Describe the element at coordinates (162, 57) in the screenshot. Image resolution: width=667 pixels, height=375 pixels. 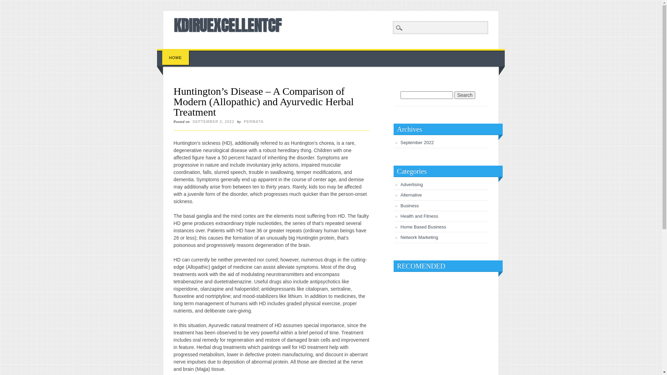
I see `'HOME'` at that location.